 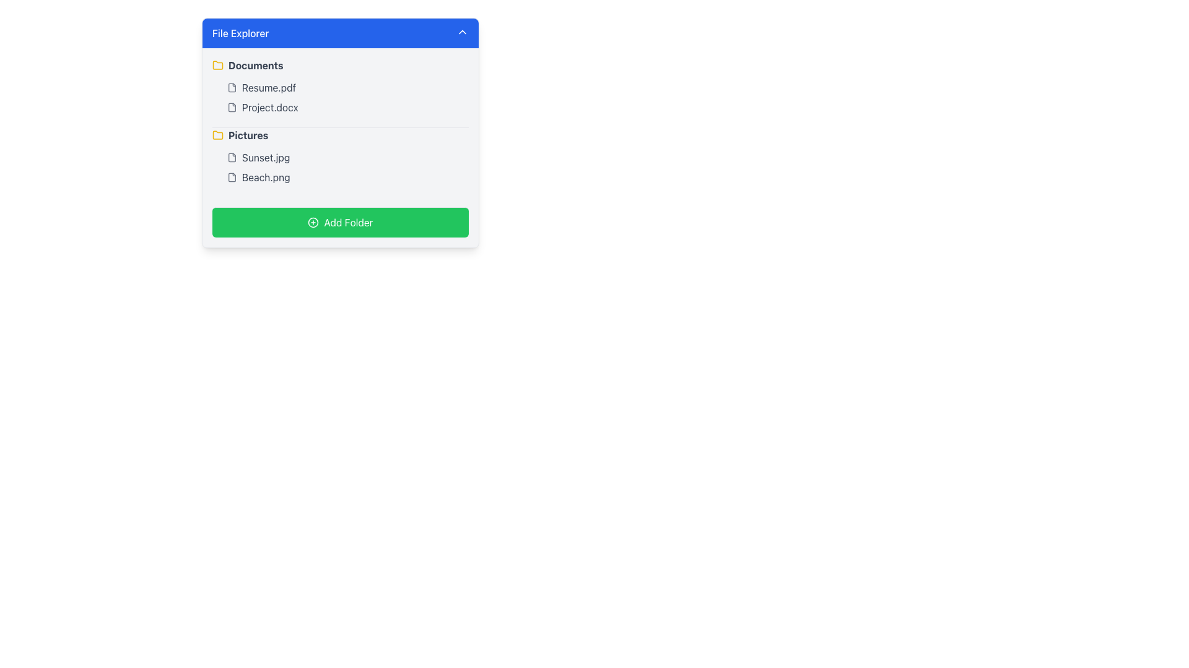 What do you see at coordinates (347, 177) in the screenshot?
I see `the list item labeled 'Beach.png' located in the 'Pictures' section of the file explorer` at bounding box center [347, 177].